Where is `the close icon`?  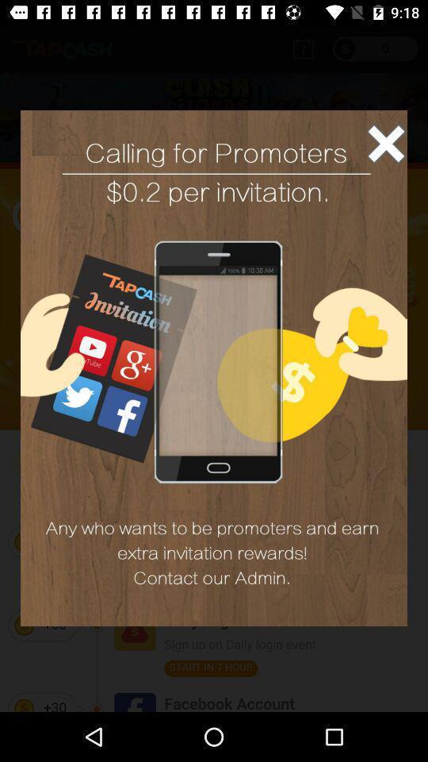 the close icon is located at coordinates (385, 144).